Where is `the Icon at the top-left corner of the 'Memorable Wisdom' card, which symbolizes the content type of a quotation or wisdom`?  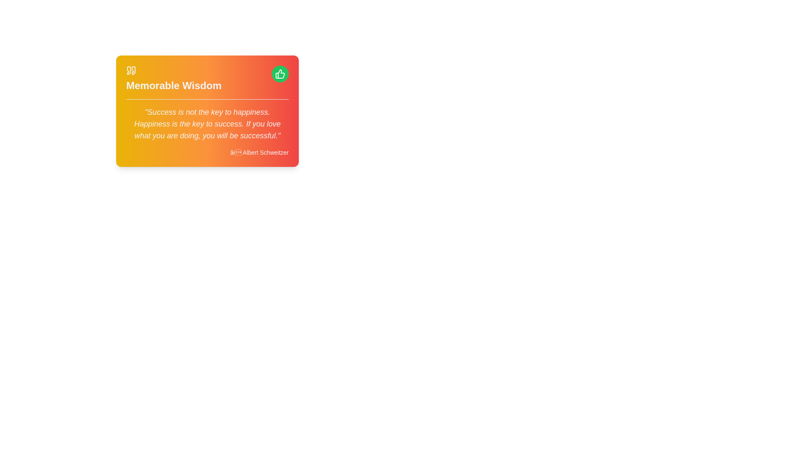
the Icon at the top-left corner of the 'Memorable Wisdom' card, which symbolizes the content type of a quotation or wisdom is located at coordinates (131, 70).